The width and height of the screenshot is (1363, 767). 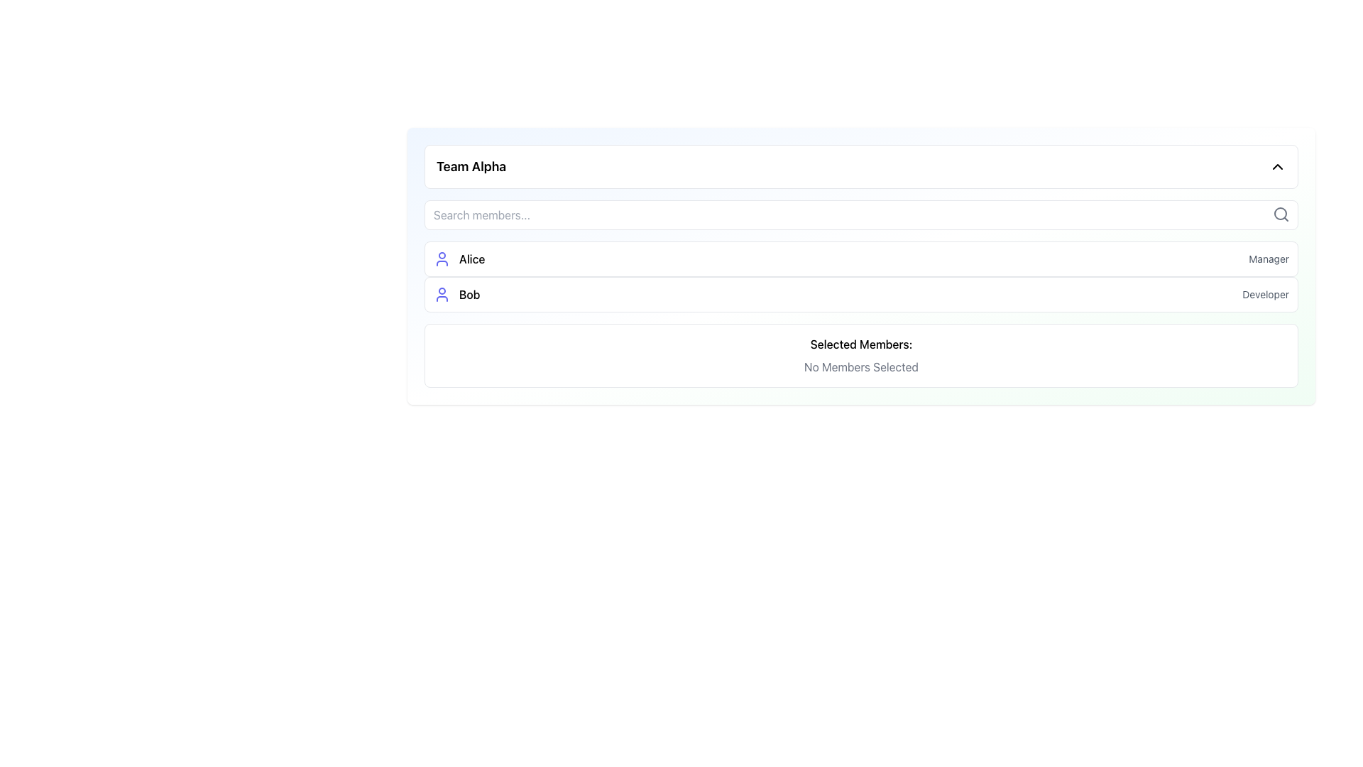 I want to click on user avatar icon that is indigo in color, located to the left of the name 'Alice' in the team member list, so click(x=442, y=259).